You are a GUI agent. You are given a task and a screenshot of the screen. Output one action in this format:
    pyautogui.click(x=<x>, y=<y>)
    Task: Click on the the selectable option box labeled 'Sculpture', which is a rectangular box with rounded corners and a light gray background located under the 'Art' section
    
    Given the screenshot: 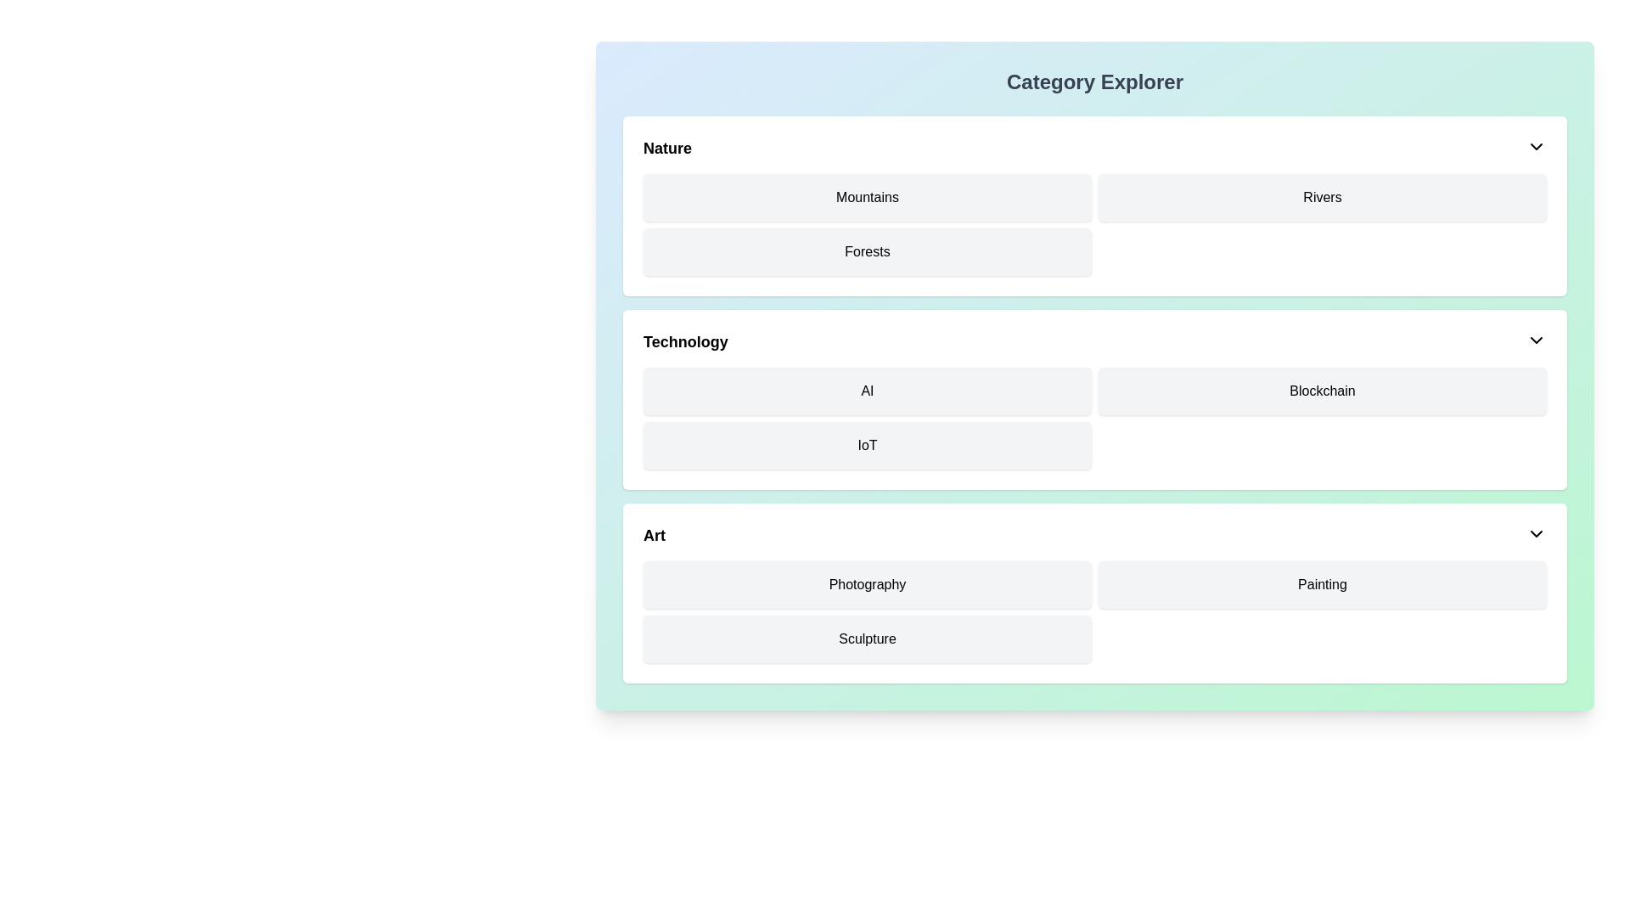 What is the action you would take?
    pyautogui.click(x=868, y=639)
    